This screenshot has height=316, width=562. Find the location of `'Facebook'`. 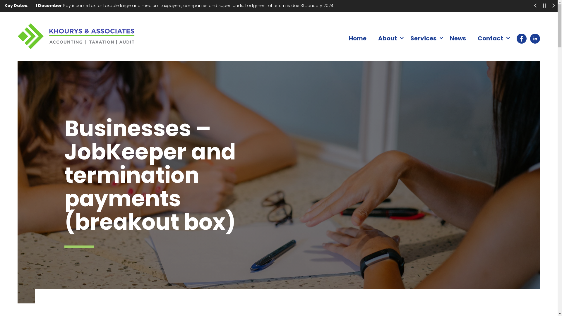

'Facebook' is located at coordinates (510, 38).